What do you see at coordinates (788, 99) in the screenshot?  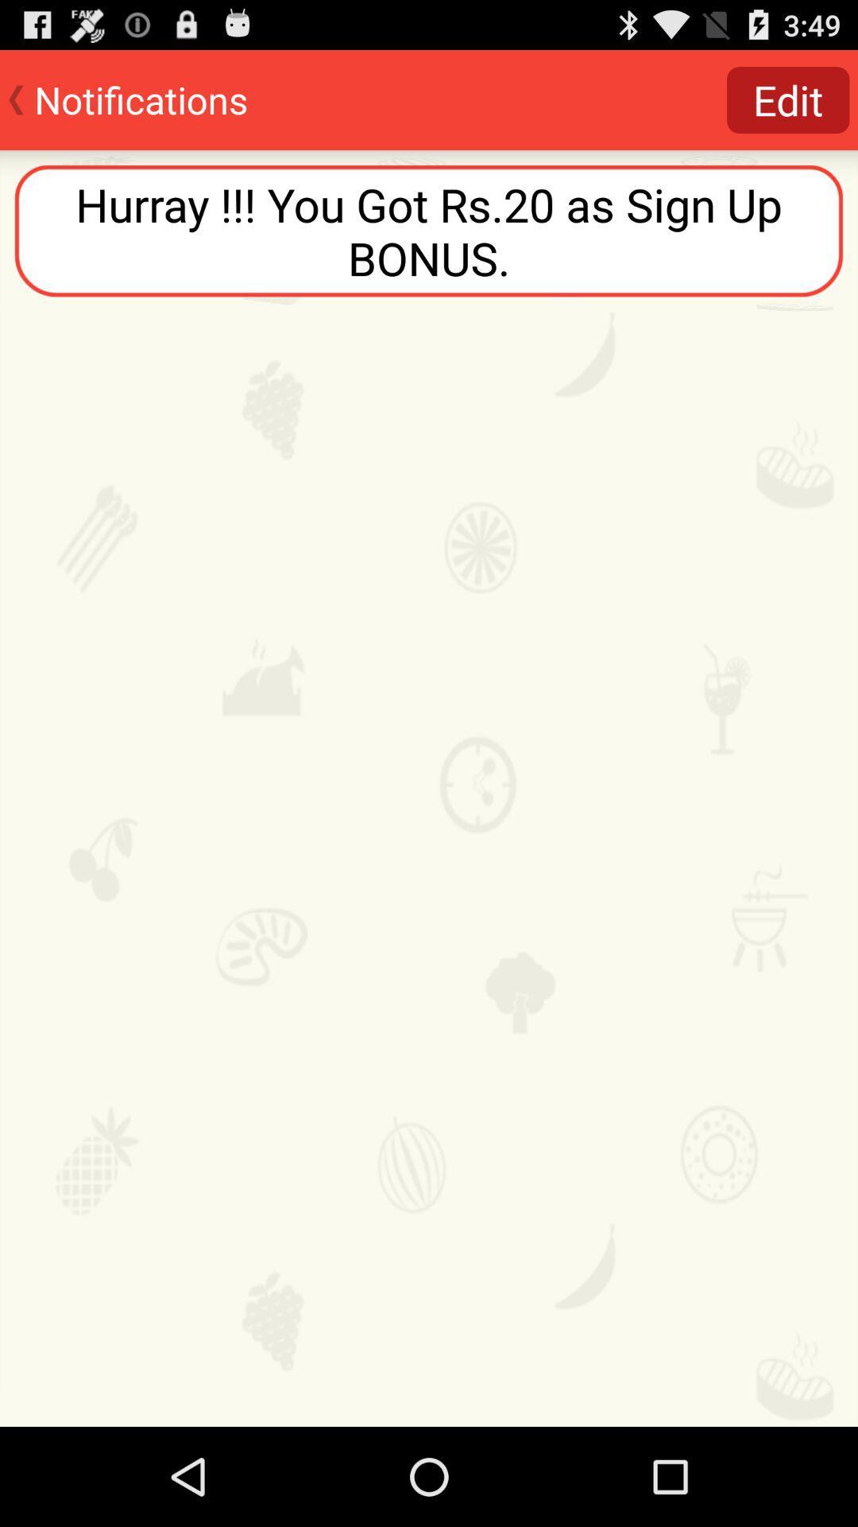 I see `edit    icon` at bounding box center [788, 99].